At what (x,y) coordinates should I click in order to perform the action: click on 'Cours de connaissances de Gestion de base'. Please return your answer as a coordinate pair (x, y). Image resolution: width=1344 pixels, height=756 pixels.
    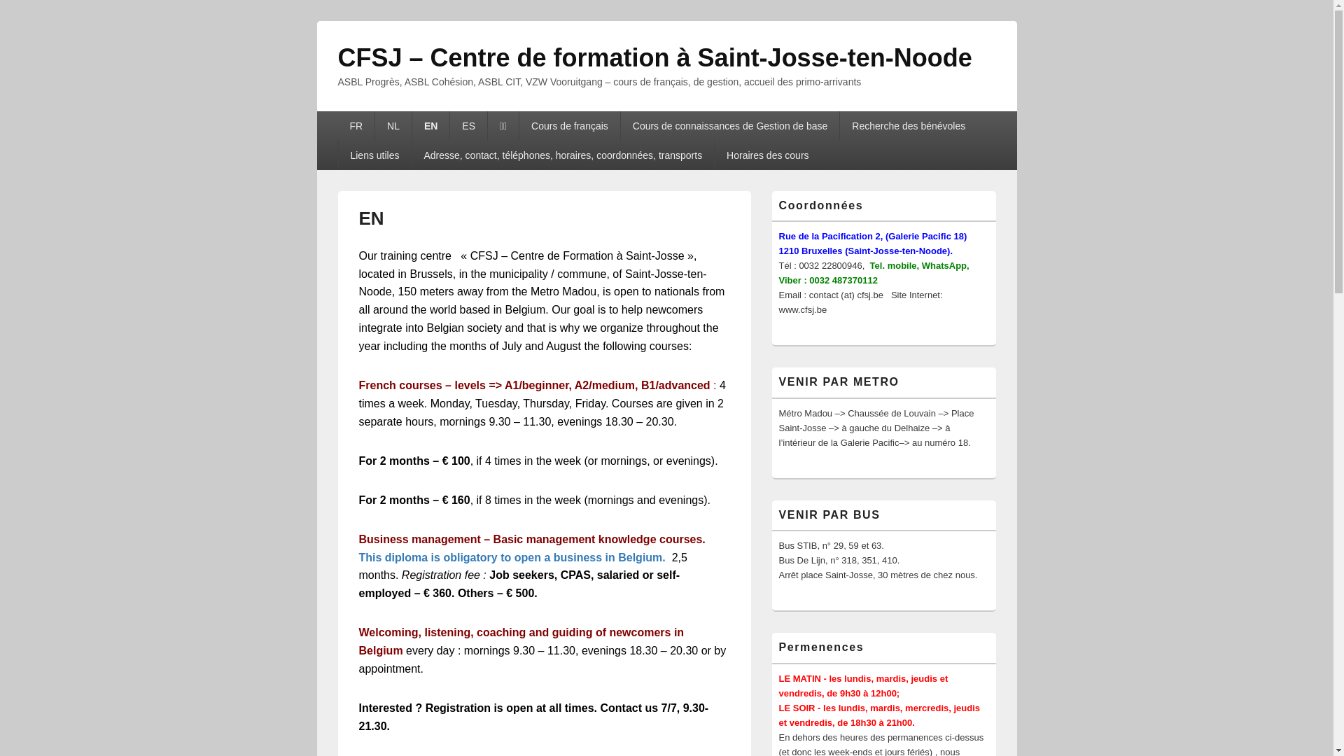
    Looking at the image, I should click on (729, 126).